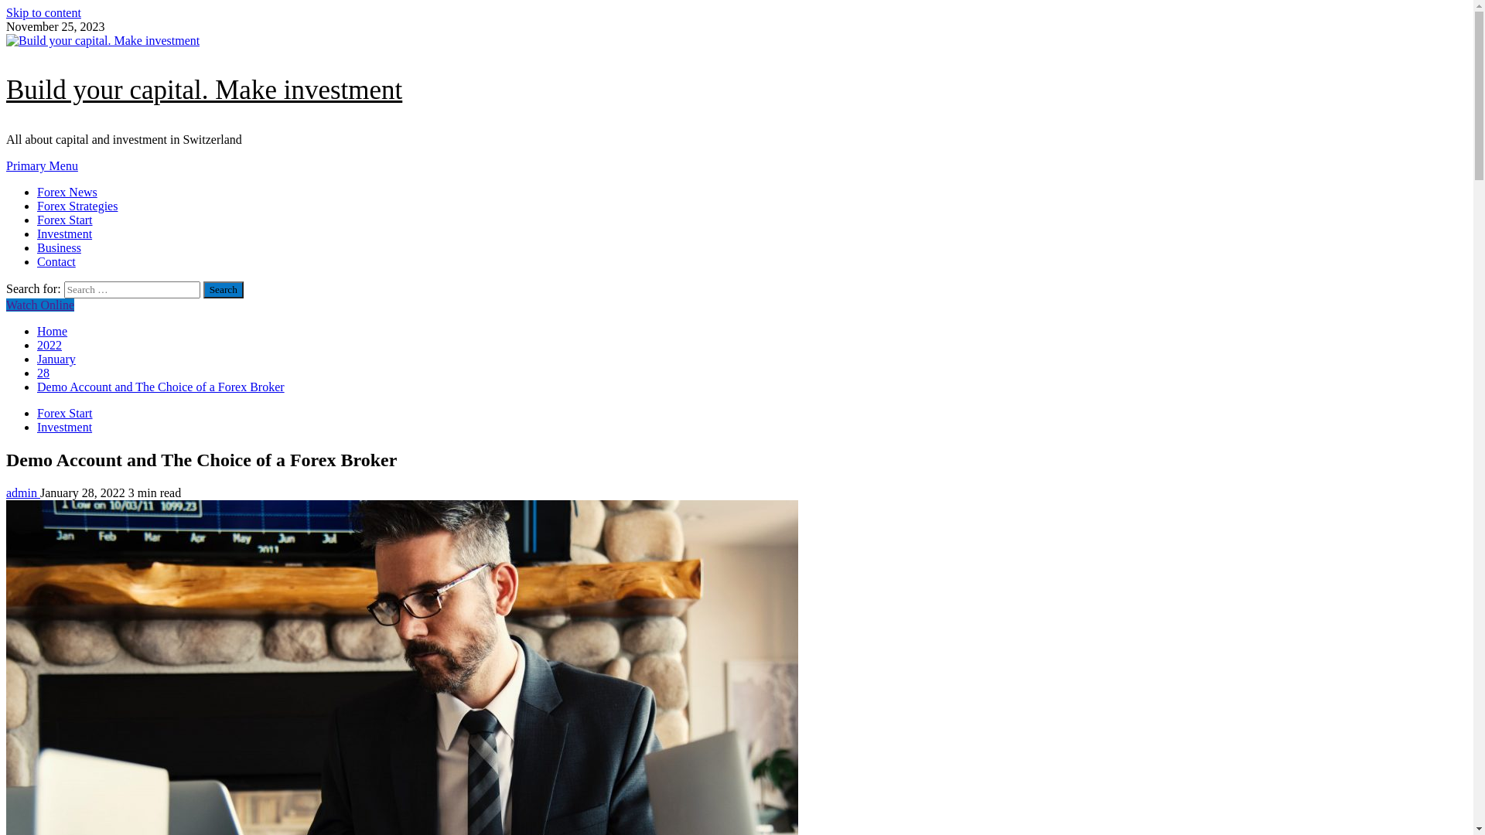 This screenshot has width=1485, height=835. Describe the element at coordinates (43, 12) in the screenshot. I see `'Skip to content'` at that location.